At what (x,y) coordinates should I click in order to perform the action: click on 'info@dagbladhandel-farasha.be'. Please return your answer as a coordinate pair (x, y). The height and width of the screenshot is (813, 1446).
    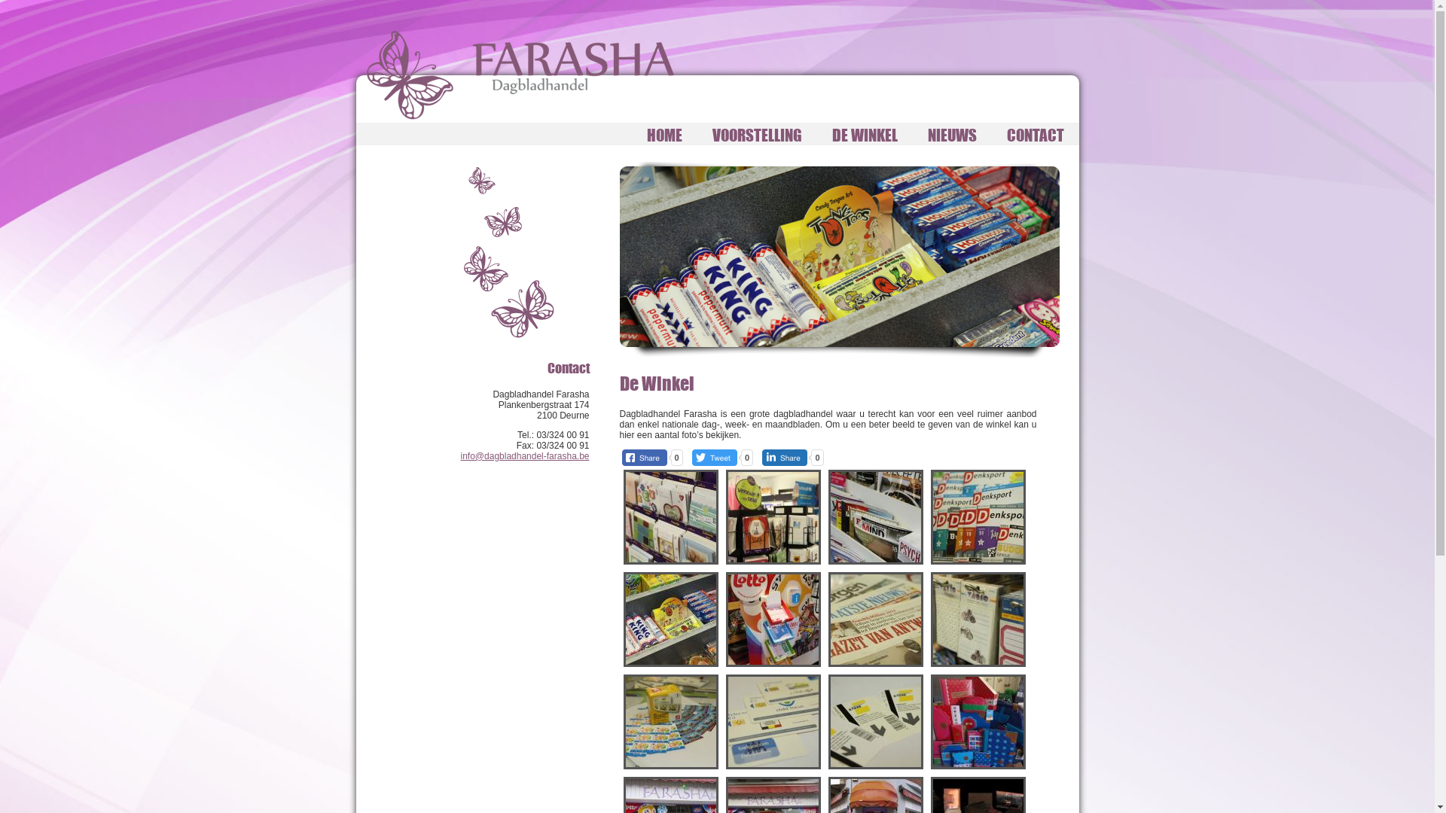
    Looking at the image, I should click on (459, 455).